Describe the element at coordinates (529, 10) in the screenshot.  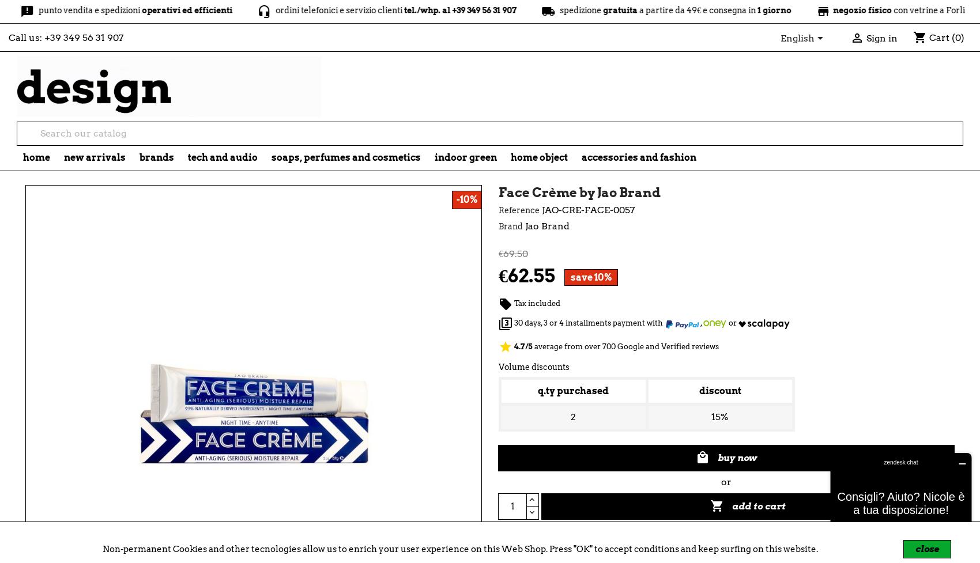
I see `'spedizione'` at that location.